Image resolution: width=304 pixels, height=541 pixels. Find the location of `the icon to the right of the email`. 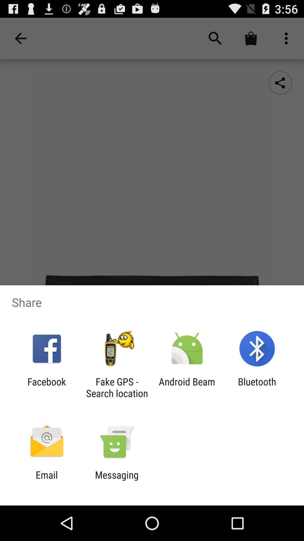

the icon to the right of the email is located at coordinates (117, 480).